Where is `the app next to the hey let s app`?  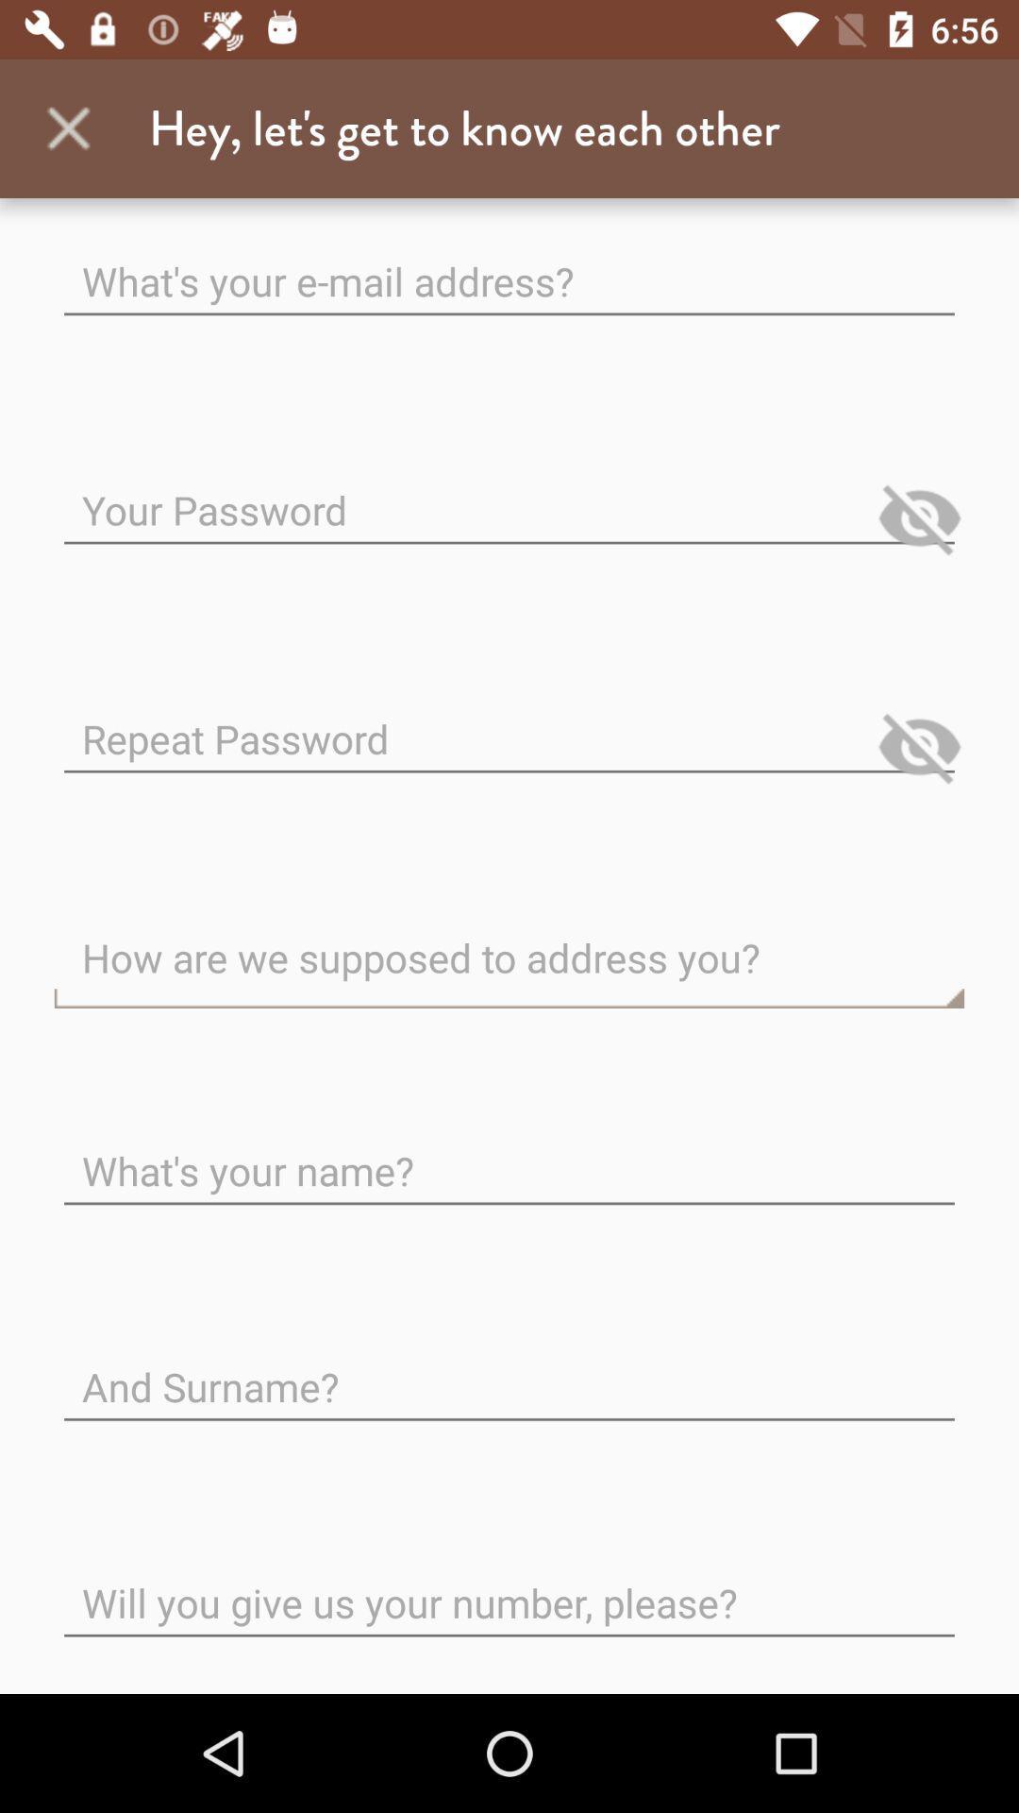 the app next to the hey let s app is located at coordinates (68, 127).